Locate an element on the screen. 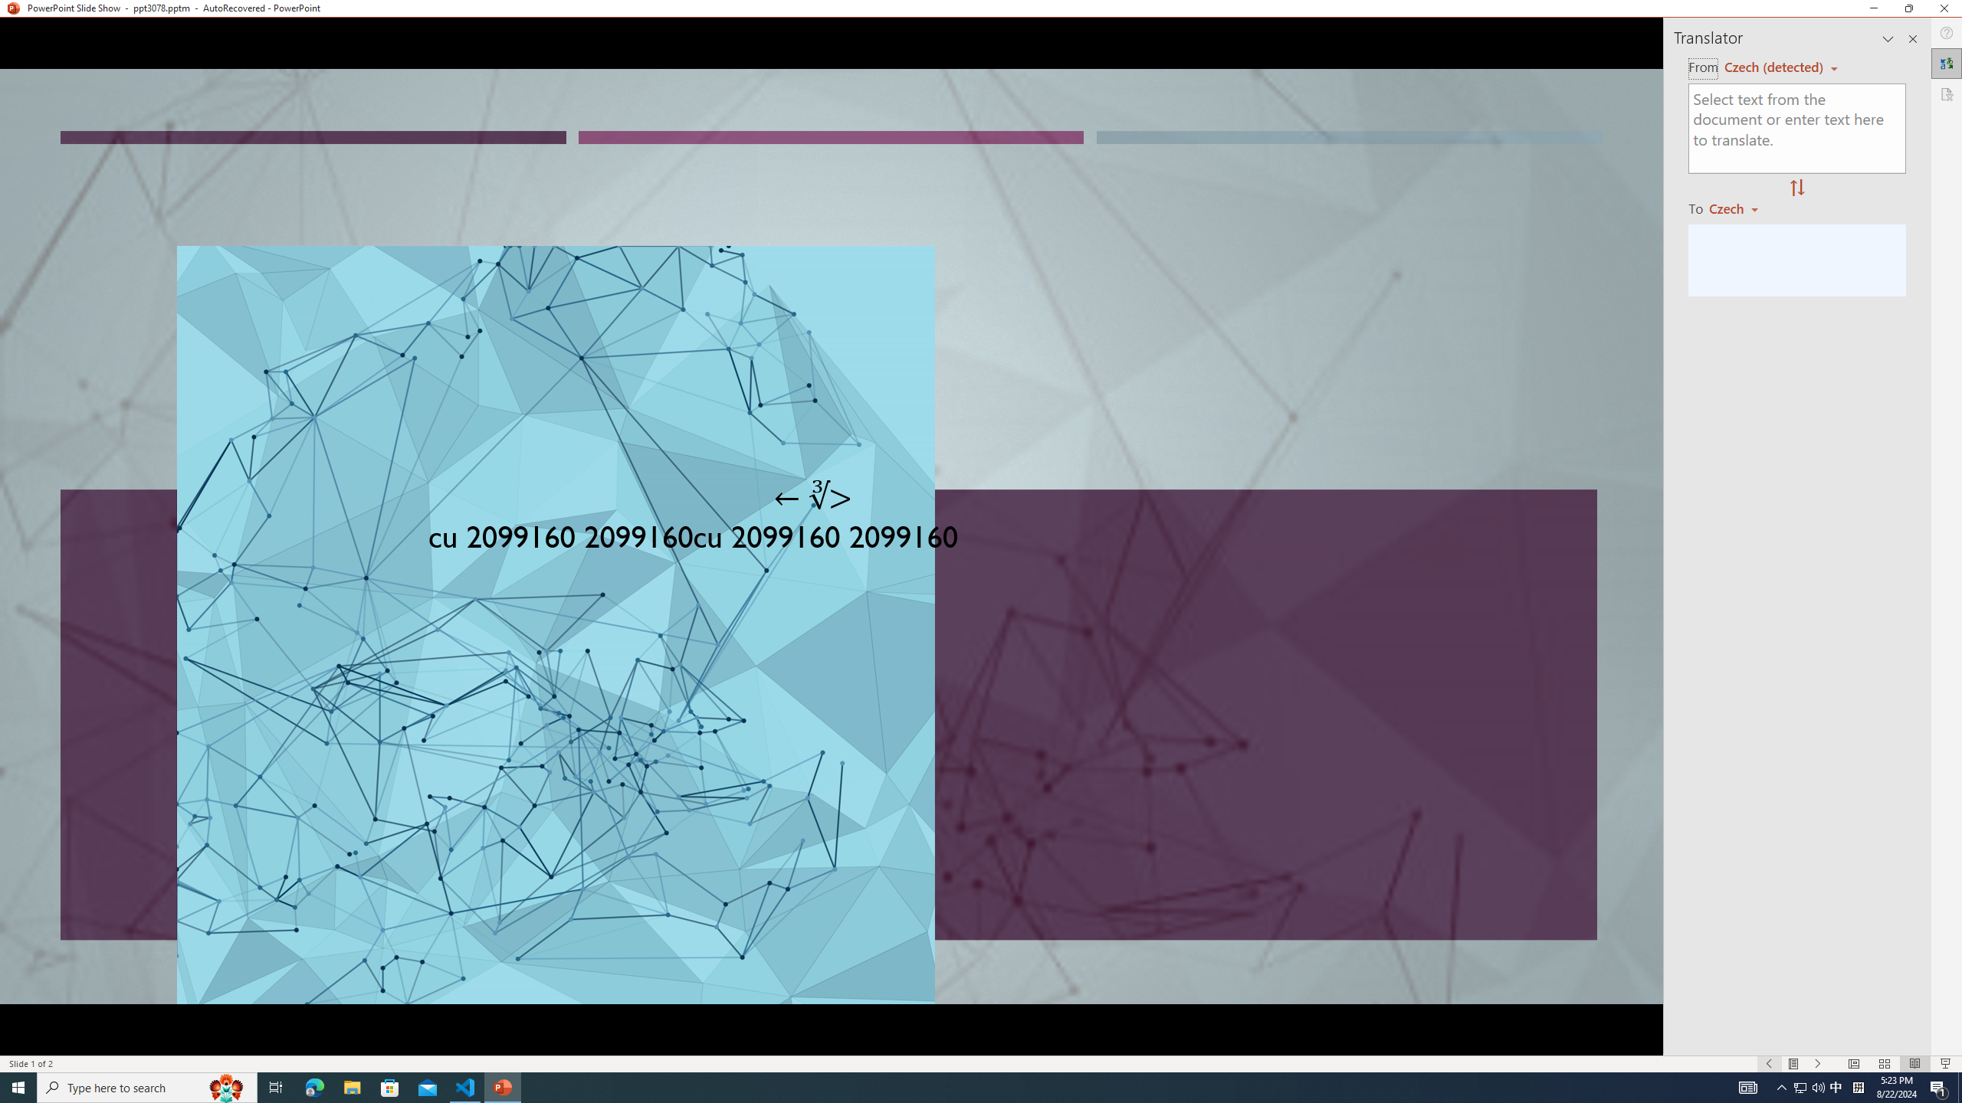 This screenshot has height=1103, width=1962. 'Swap "from" and "to" languages.' is located at coordinates (1796, 188).